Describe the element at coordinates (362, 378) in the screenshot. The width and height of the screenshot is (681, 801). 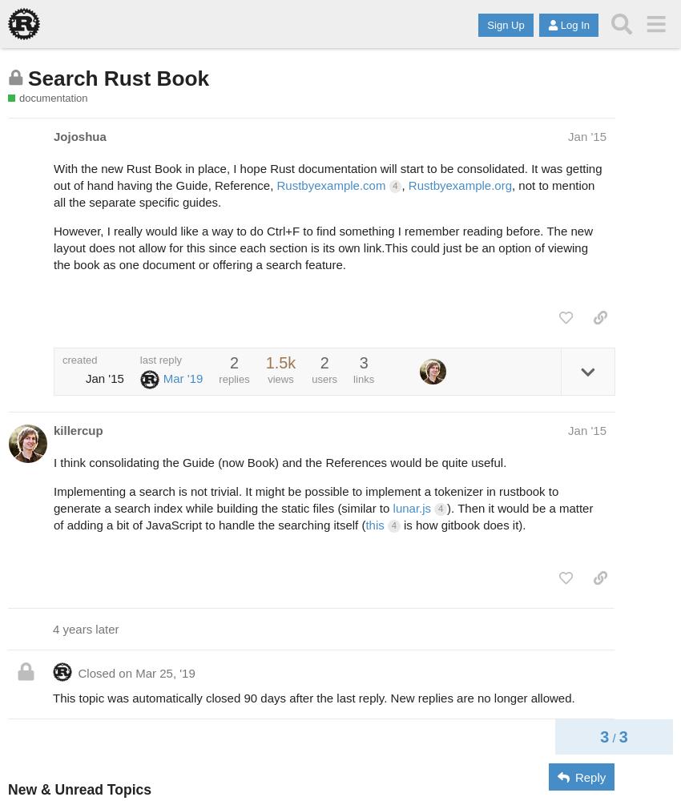
I see `'links'` at that location.